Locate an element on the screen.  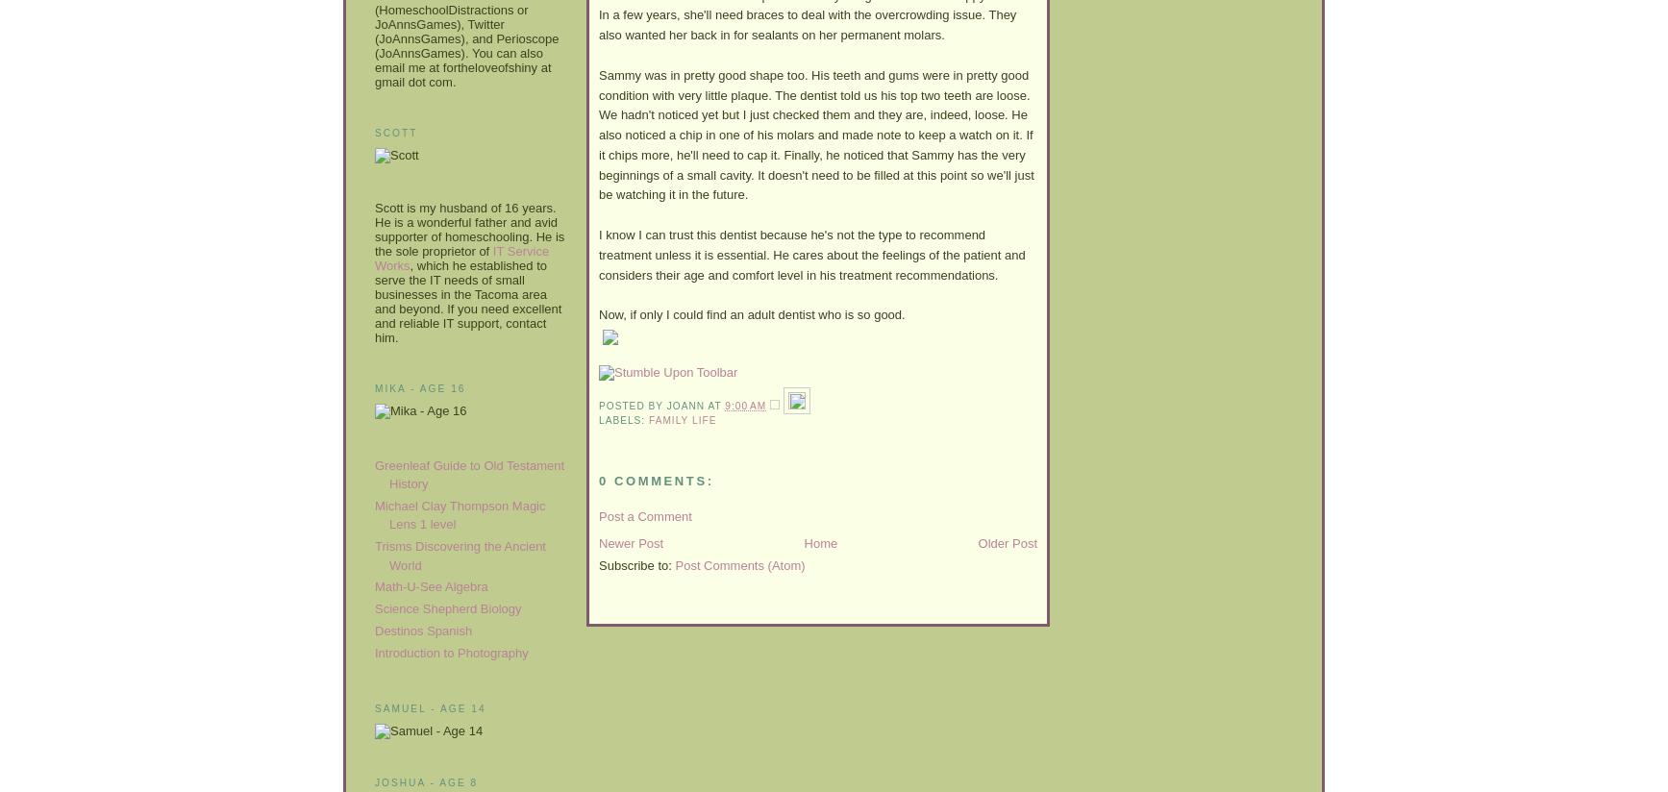
'Newer Post' is located at coordinates (631, 541).